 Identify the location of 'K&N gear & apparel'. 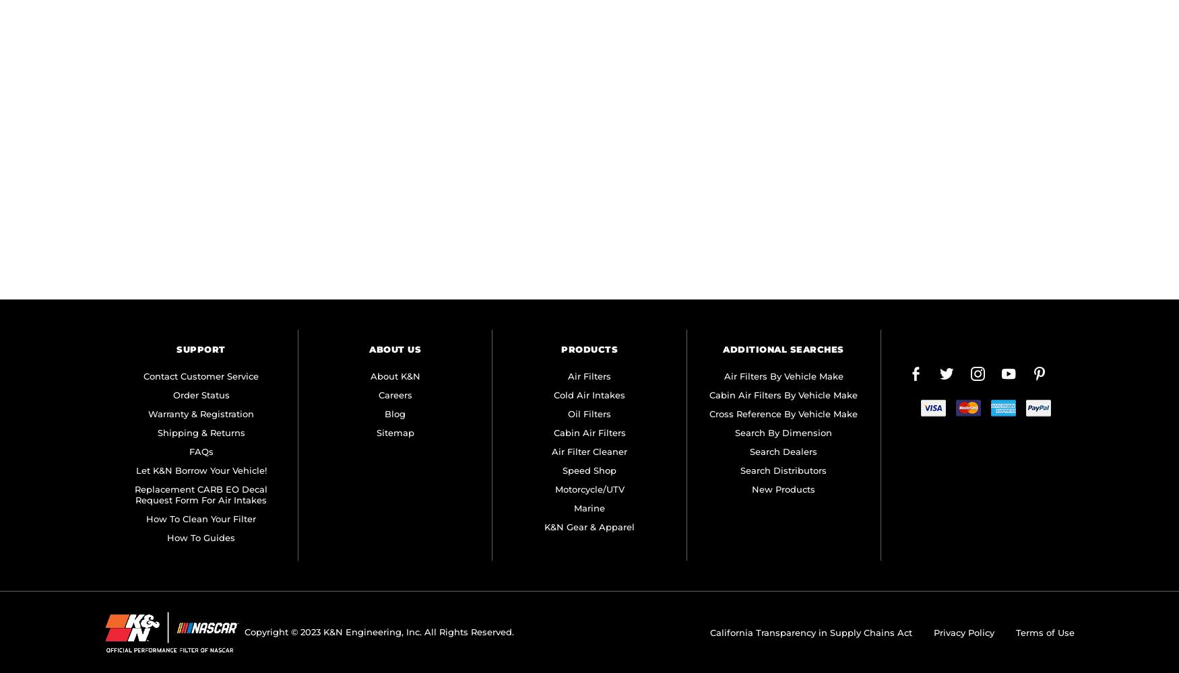
(543, 527).